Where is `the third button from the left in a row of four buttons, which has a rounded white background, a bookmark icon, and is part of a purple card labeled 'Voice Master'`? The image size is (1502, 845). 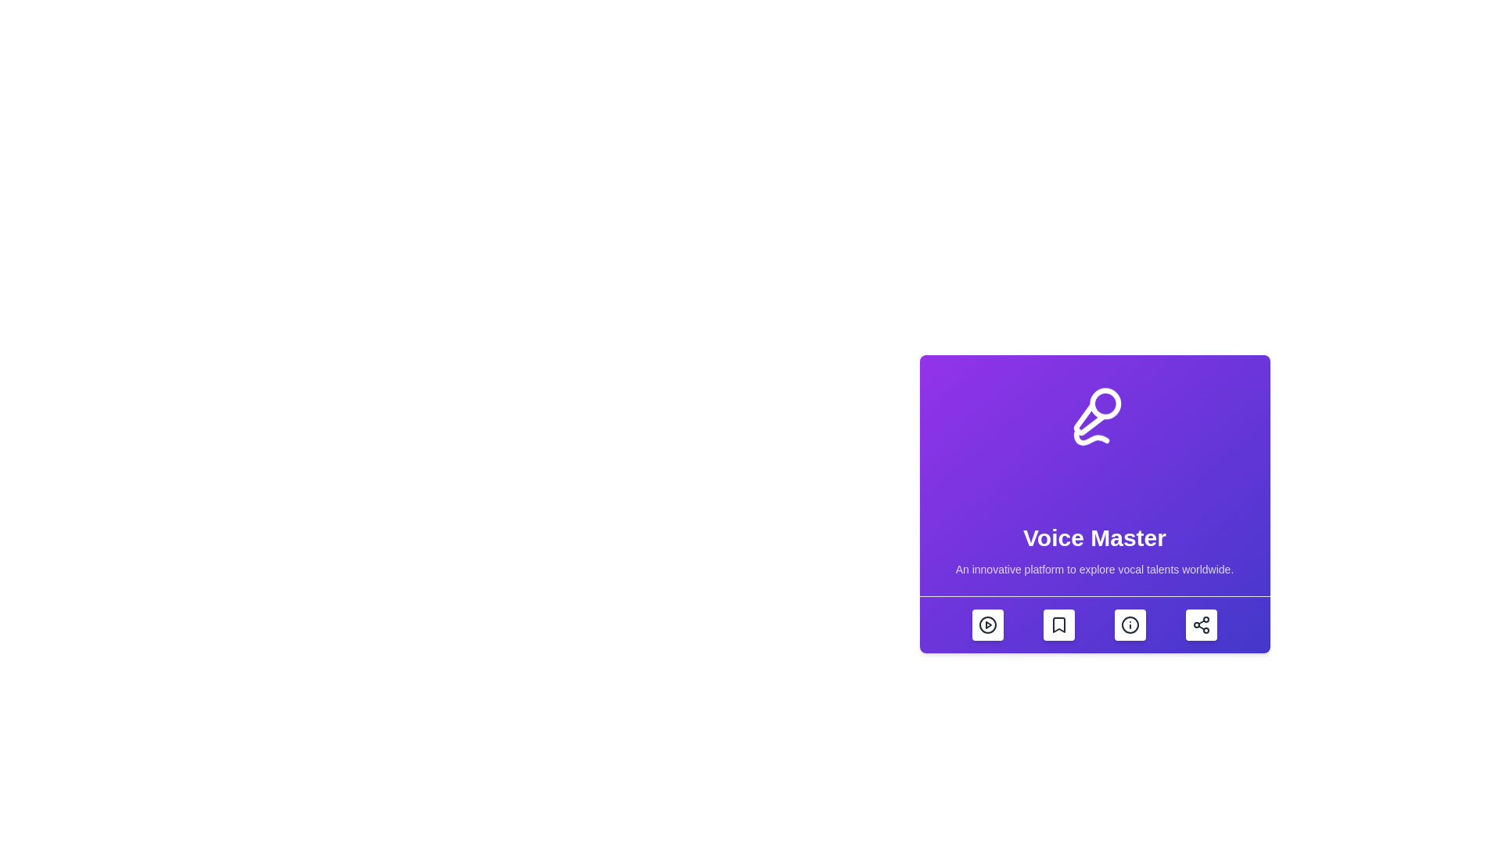
the third button from the left in a row of four buttons, which has a rounded white background, a bookmark icon, and is part of a purple card labeled 'Voice Master' is located at coordinates (1058, 624).